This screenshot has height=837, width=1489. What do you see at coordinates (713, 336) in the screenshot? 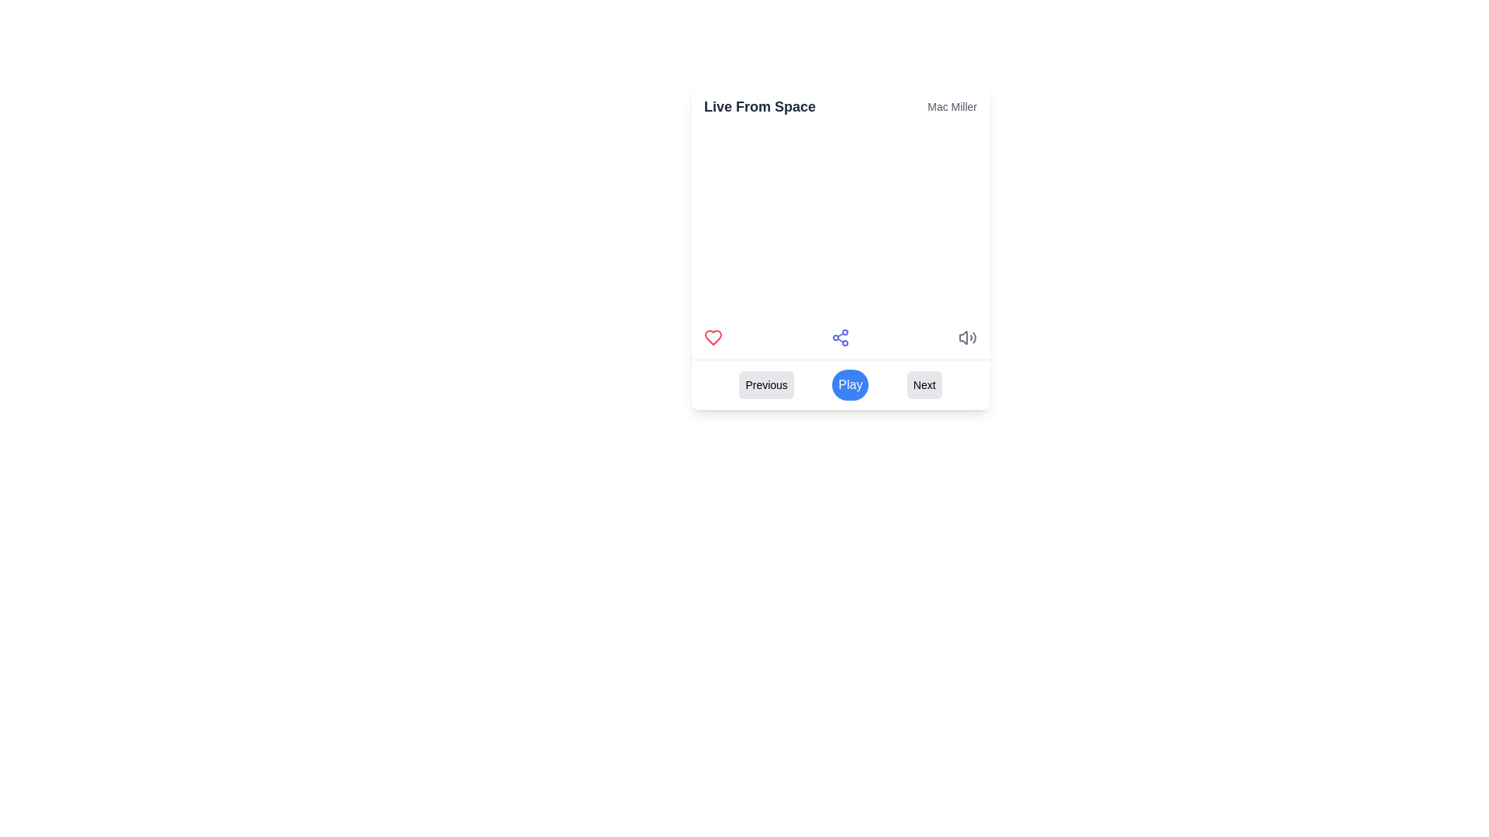
I see `the heart icon button, which is the first icon from the left in a row of interactive elements` at bounding box center [713, 336].